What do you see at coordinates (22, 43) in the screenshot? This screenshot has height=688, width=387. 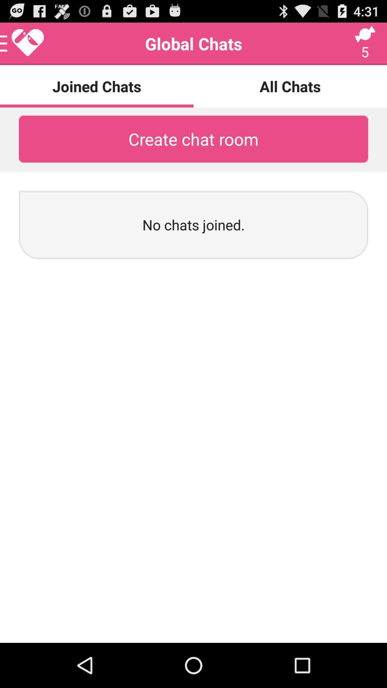 I see `icon to the left of all chats` at bounding box center [22, 43].